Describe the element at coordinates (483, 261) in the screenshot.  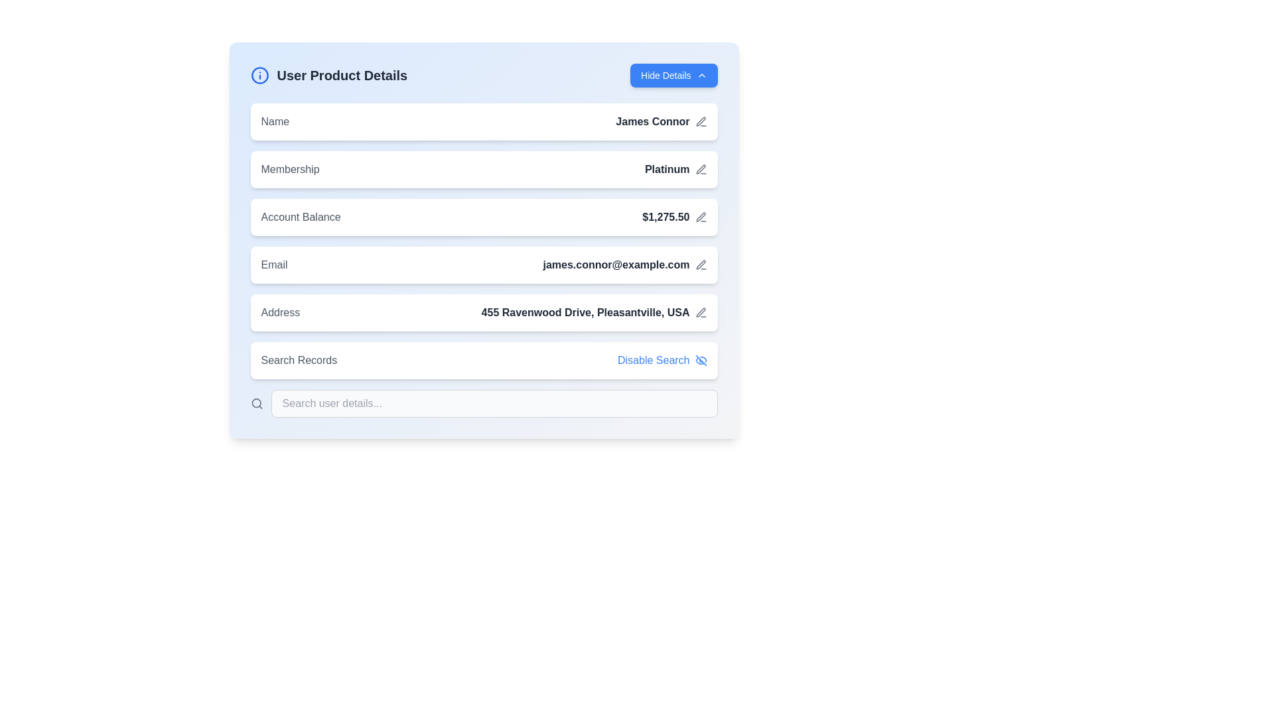
I see `the interactive icons next to the details in the Information display panel to interact with the rows of labeled information such as 'Name', 'Membership', and 'Account Balance'` at that location.